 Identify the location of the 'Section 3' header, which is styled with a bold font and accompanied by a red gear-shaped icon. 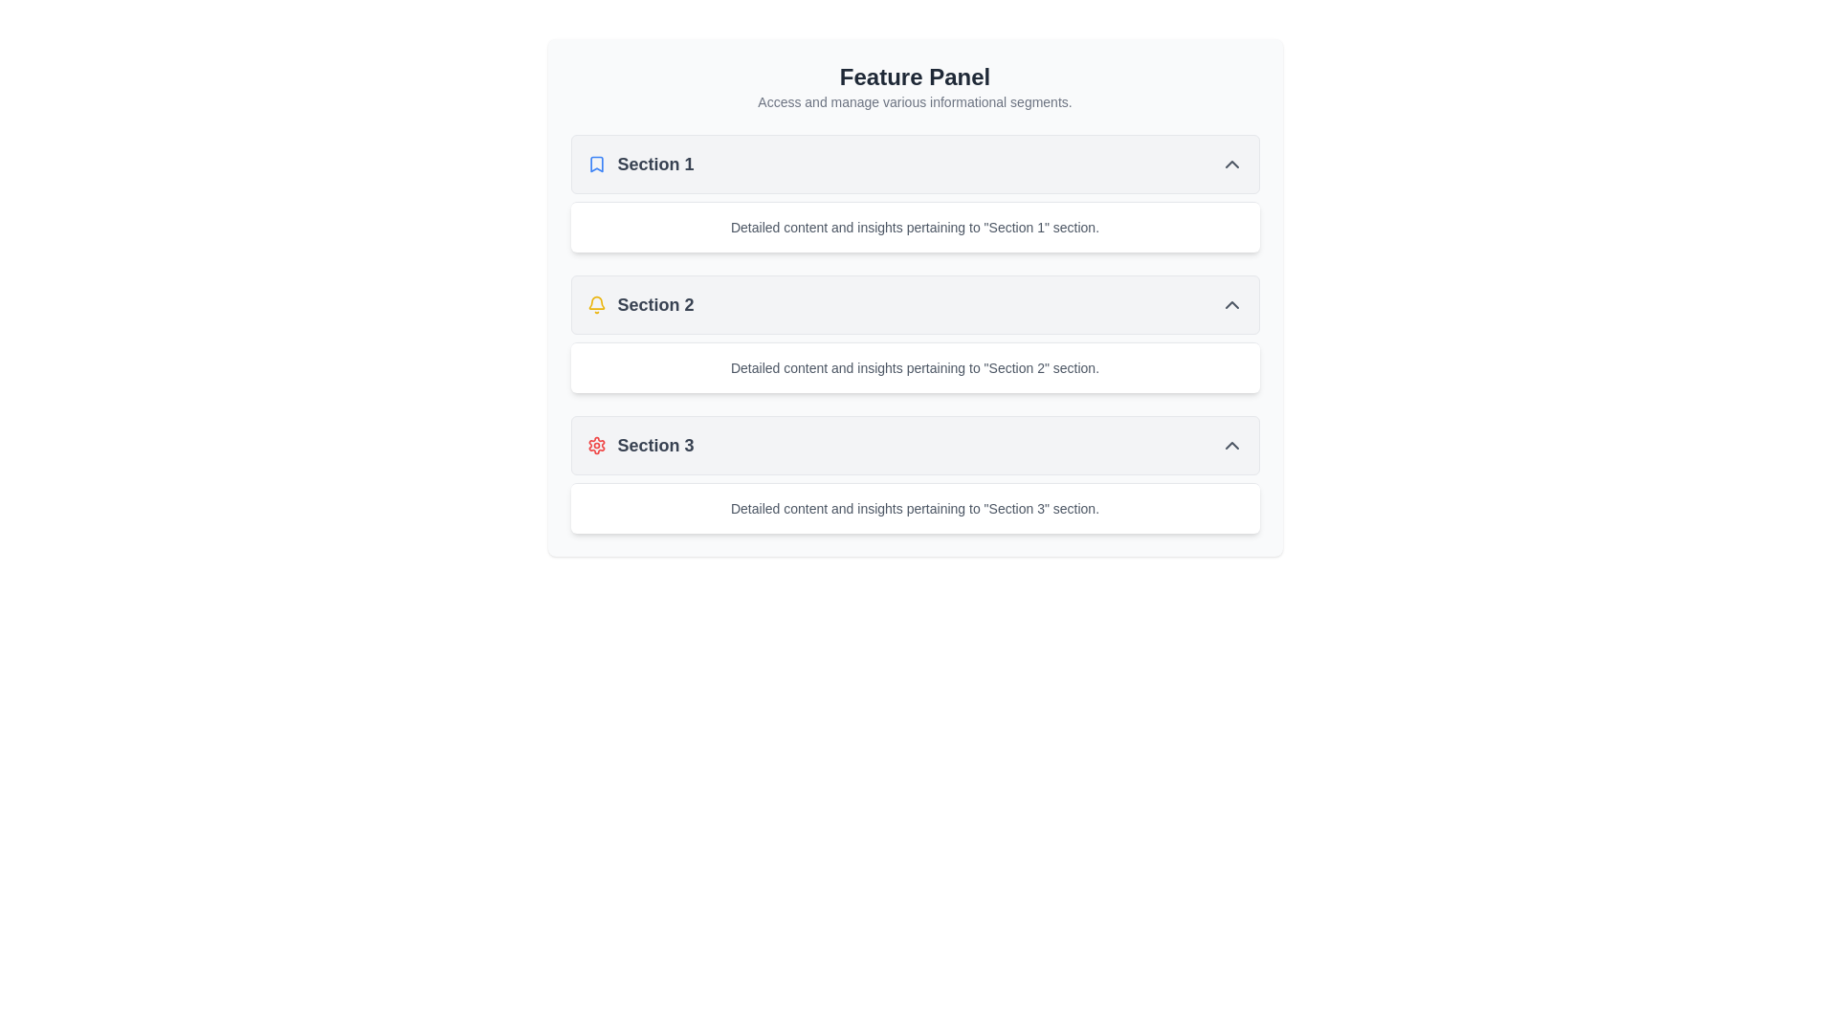
(640, 446).